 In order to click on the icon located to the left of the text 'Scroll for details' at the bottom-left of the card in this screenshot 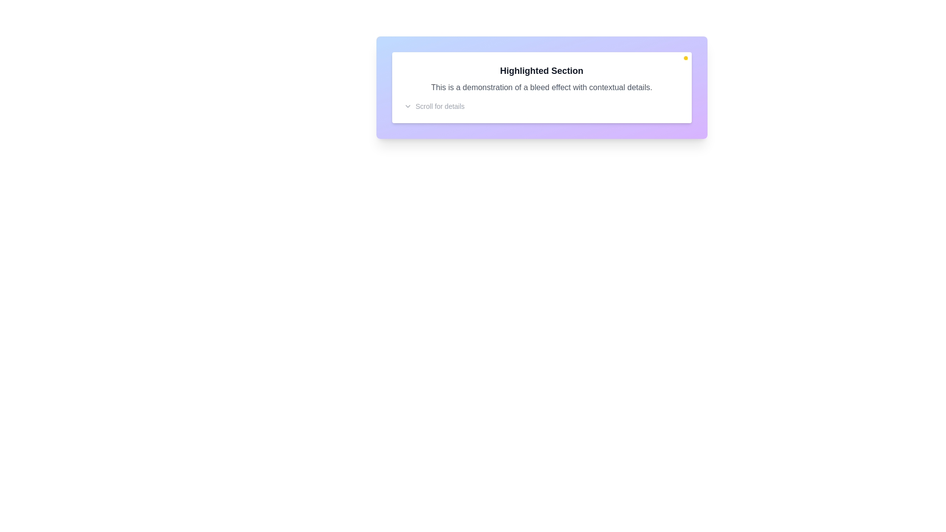, I will do `click(407, 106)`.